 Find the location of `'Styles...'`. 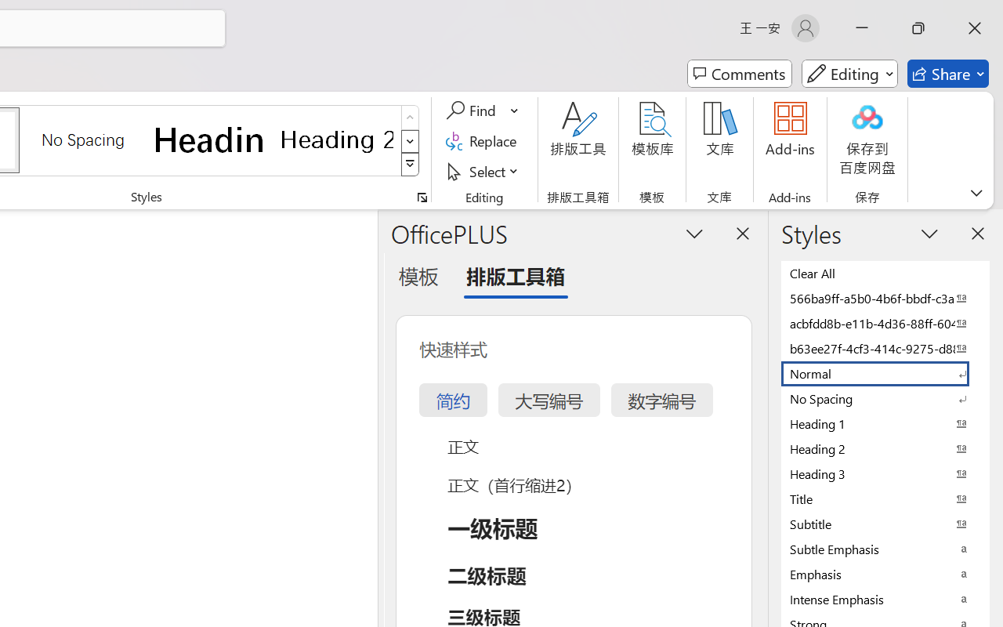

'Styles...' is located at coordinates (422, 197).